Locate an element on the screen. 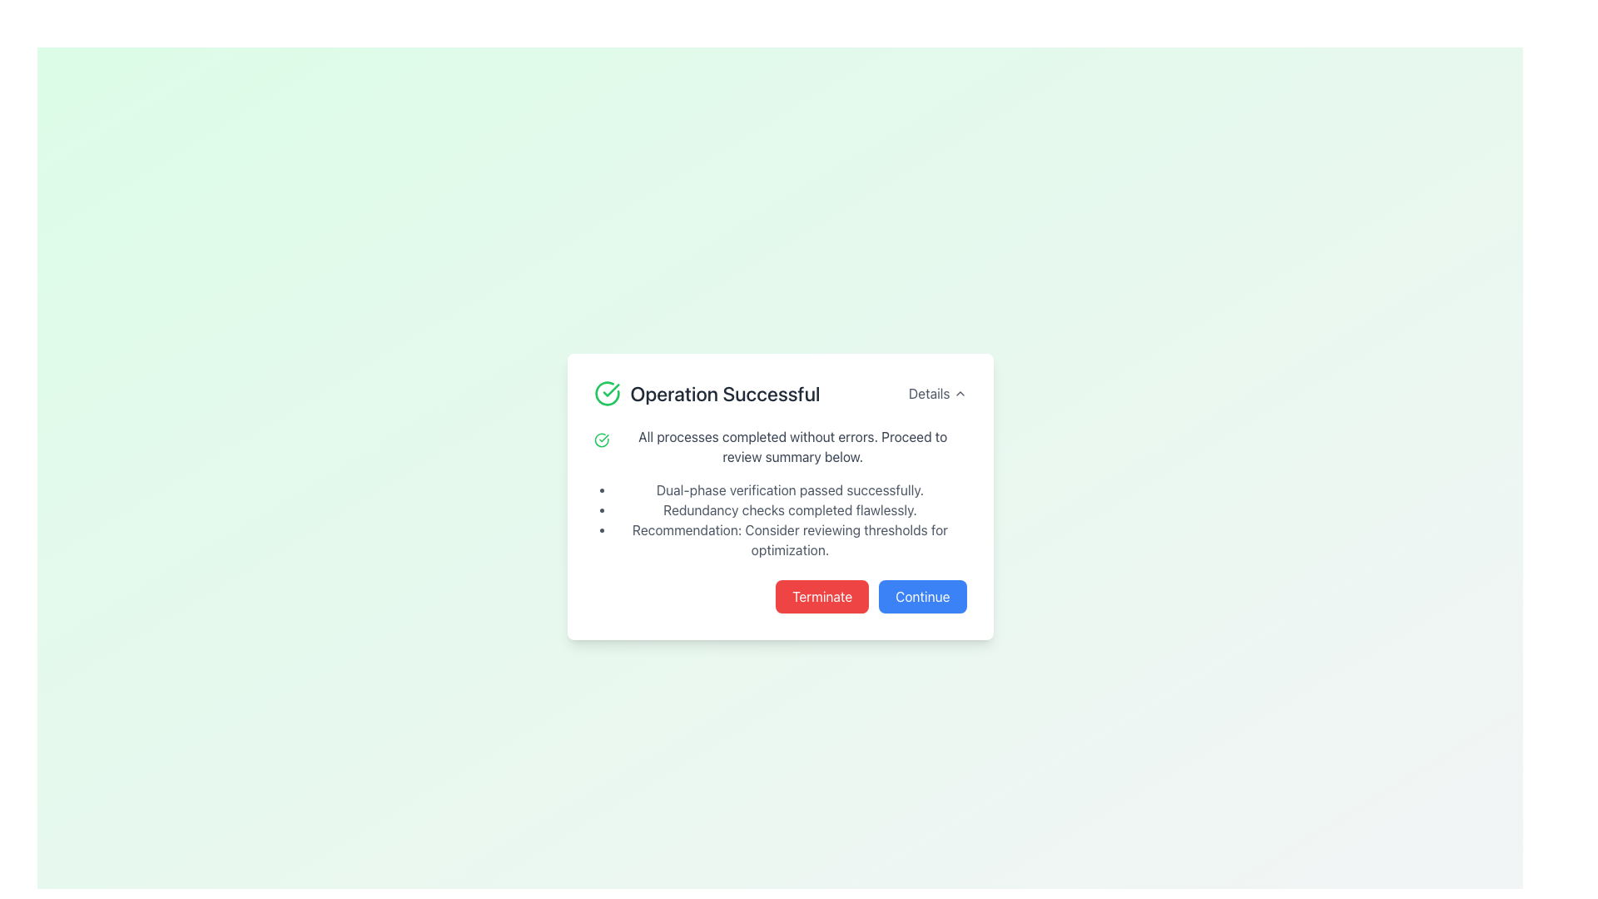 The image size is (1598, 899). the chevron icon is located at coordinates (960, 394).